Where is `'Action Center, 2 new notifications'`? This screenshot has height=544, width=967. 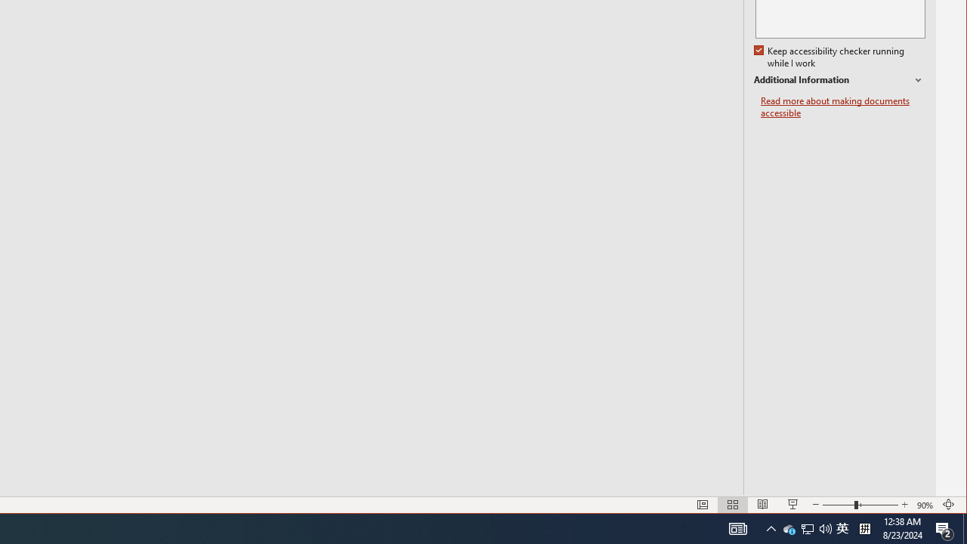
'Action Center, 2 new notifications' is located at coordinates (944, 527).